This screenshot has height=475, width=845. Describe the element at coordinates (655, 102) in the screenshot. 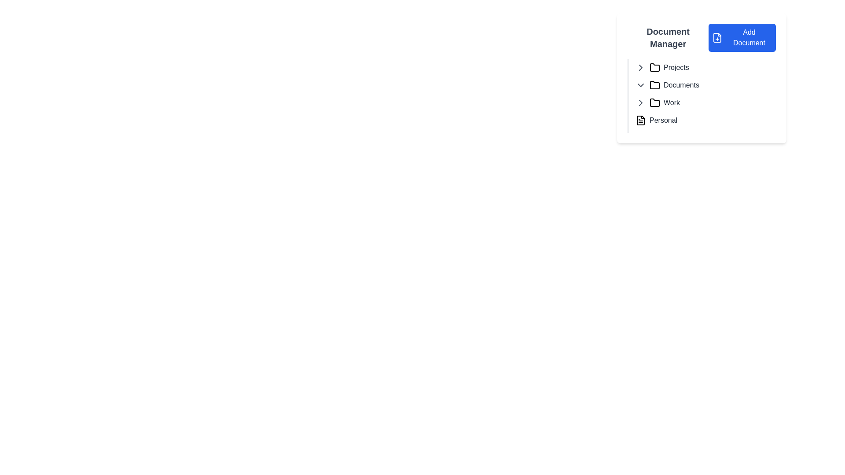

I see `the icon representing the 'Work' folder` at that location.